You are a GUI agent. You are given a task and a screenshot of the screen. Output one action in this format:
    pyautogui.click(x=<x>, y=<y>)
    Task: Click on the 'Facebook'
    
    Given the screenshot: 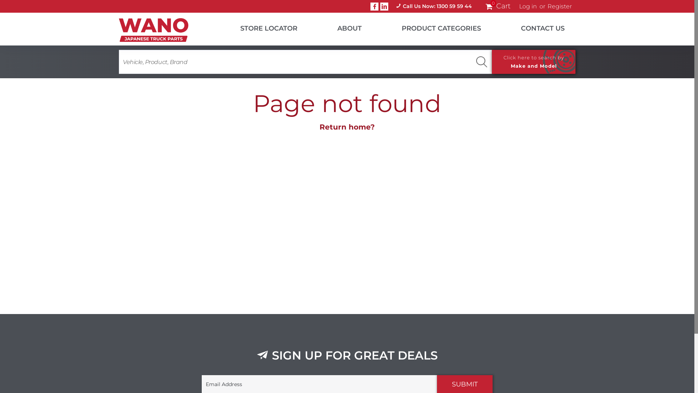 What is the action you would take?
    pyautogui.click(x=370, y=6)
    